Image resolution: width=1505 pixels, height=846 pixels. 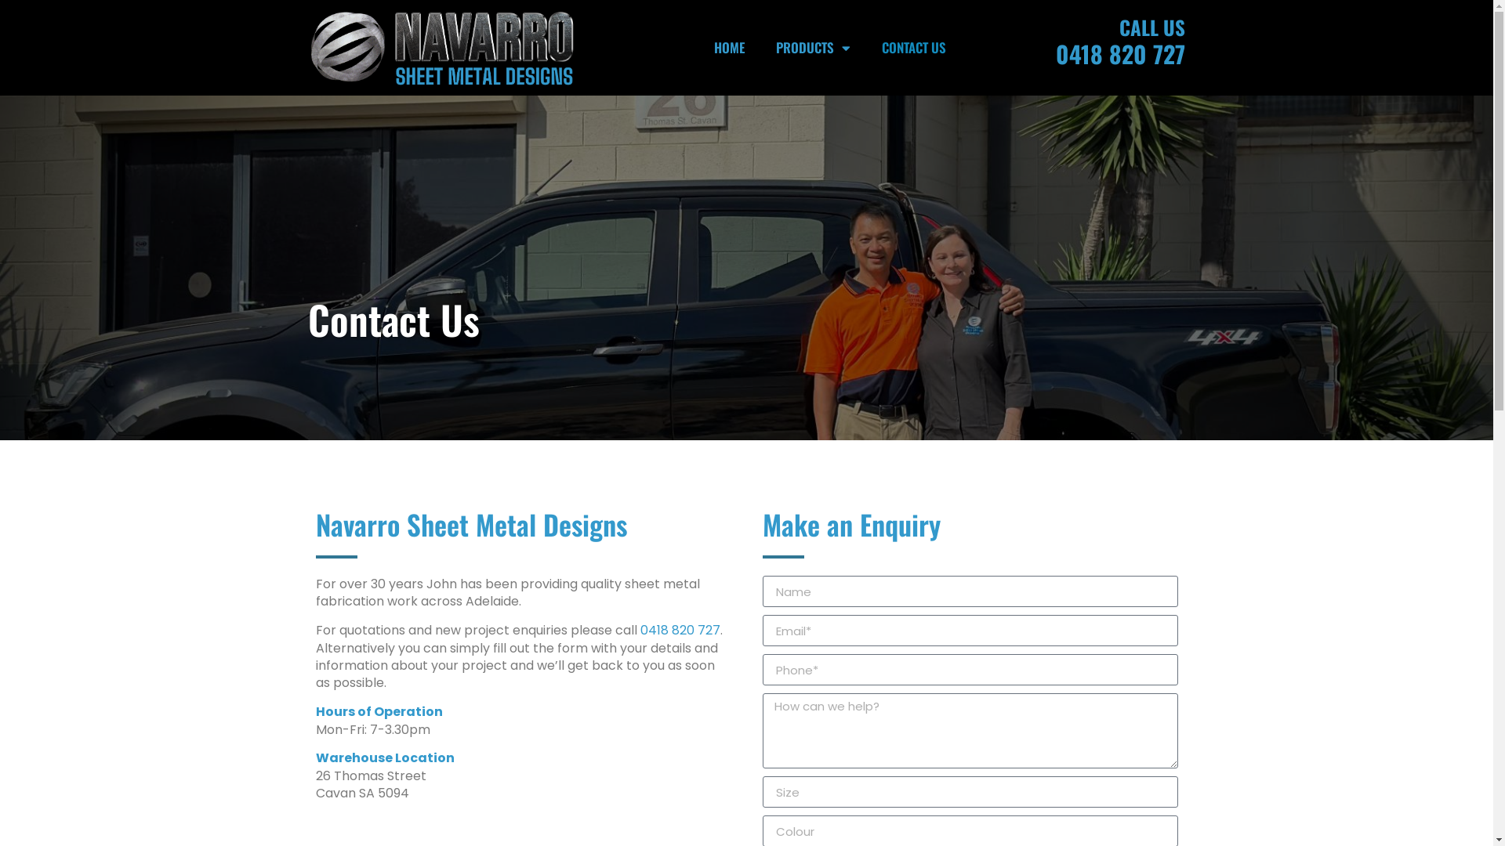 I want to click on 'PRODUCTS', so click(x=813, y=47).